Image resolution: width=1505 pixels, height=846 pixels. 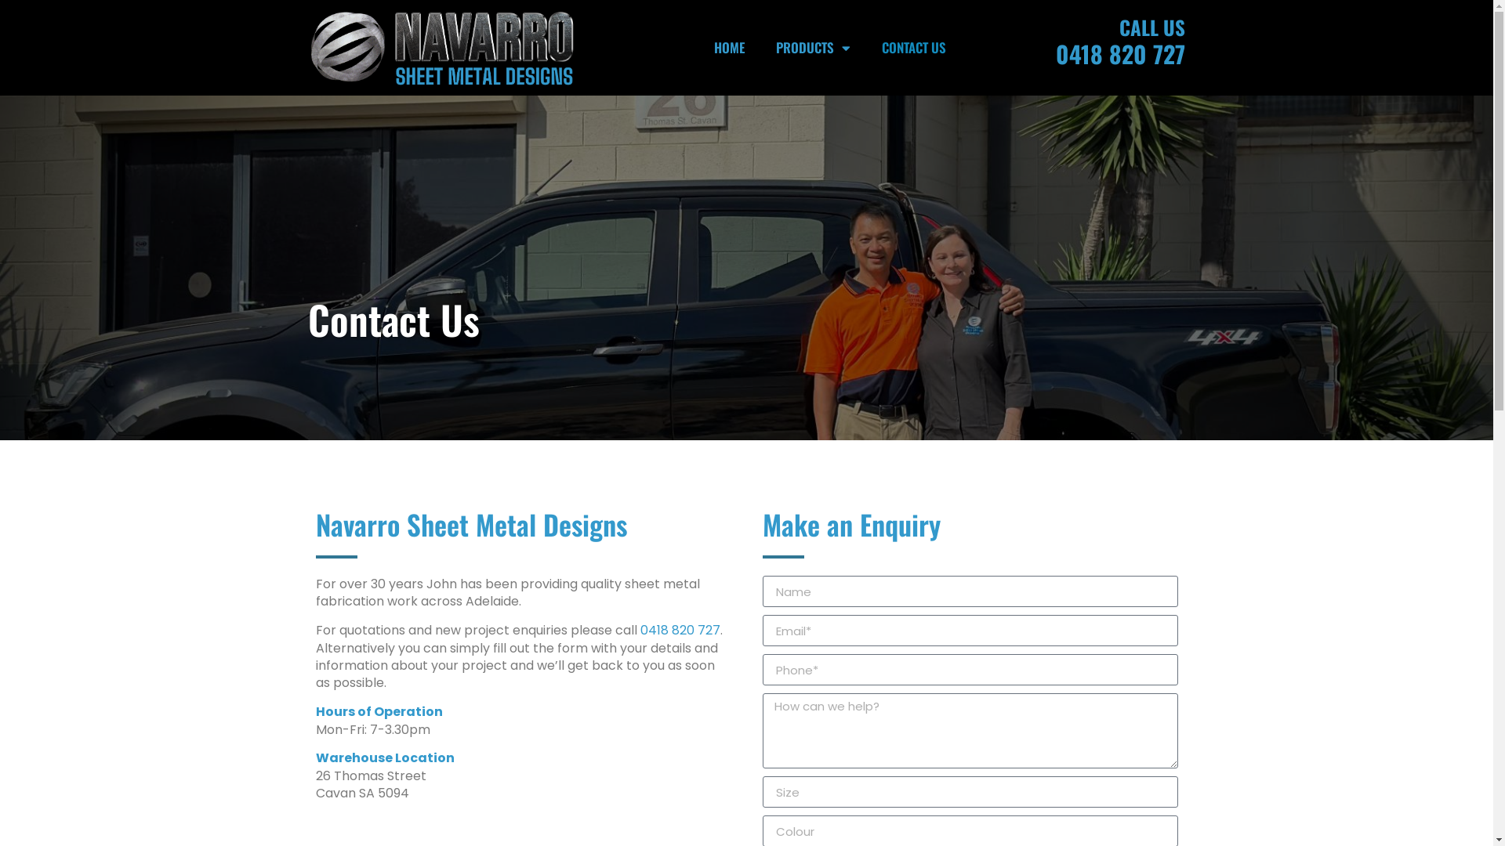 I want to click on 'PRODUCTS', so click(x=813, y=47).